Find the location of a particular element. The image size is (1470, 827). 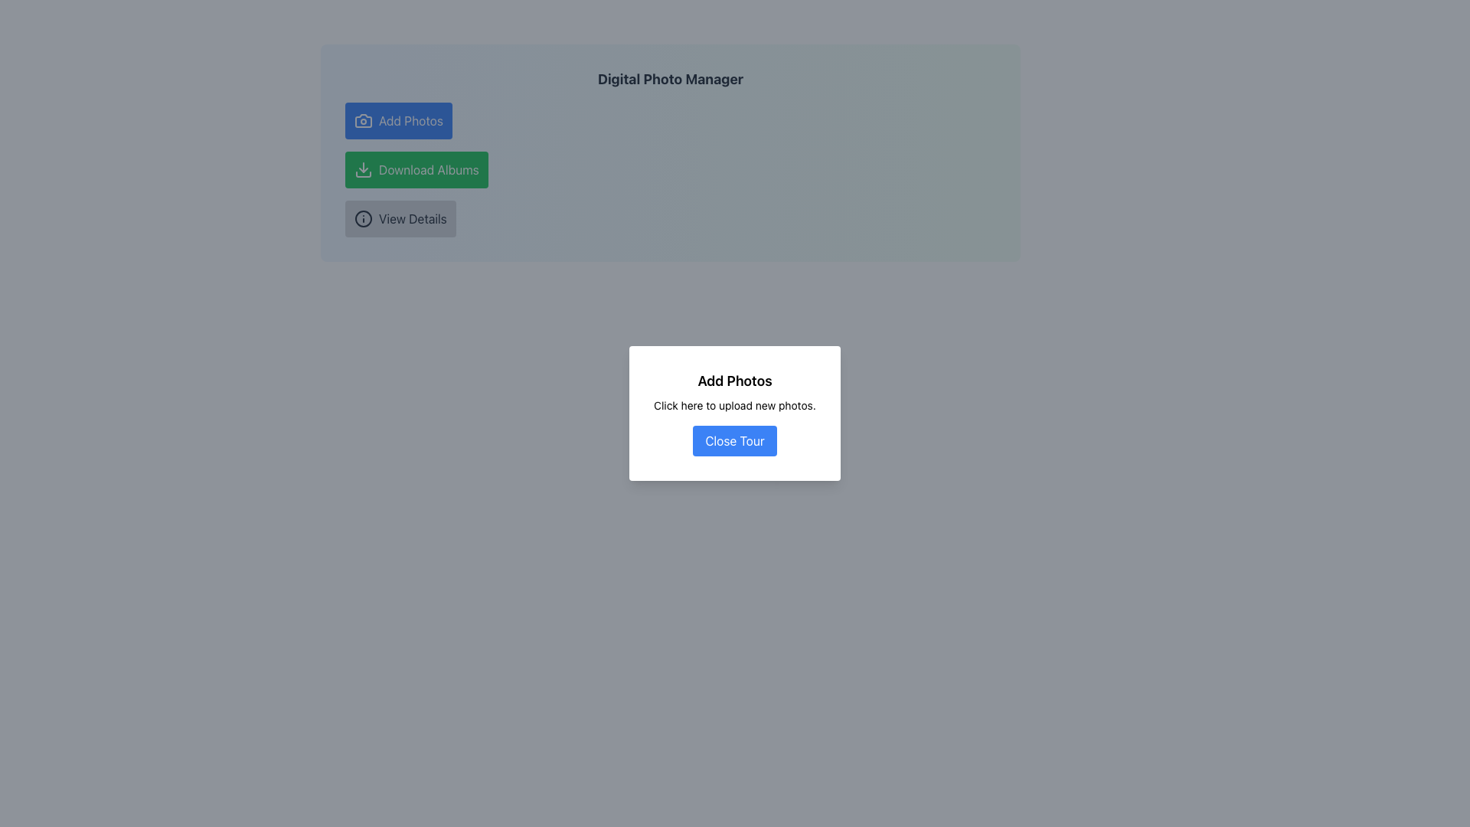

the close button located at the center bottom of the modal dialog box is located at coordinates (735, 440).